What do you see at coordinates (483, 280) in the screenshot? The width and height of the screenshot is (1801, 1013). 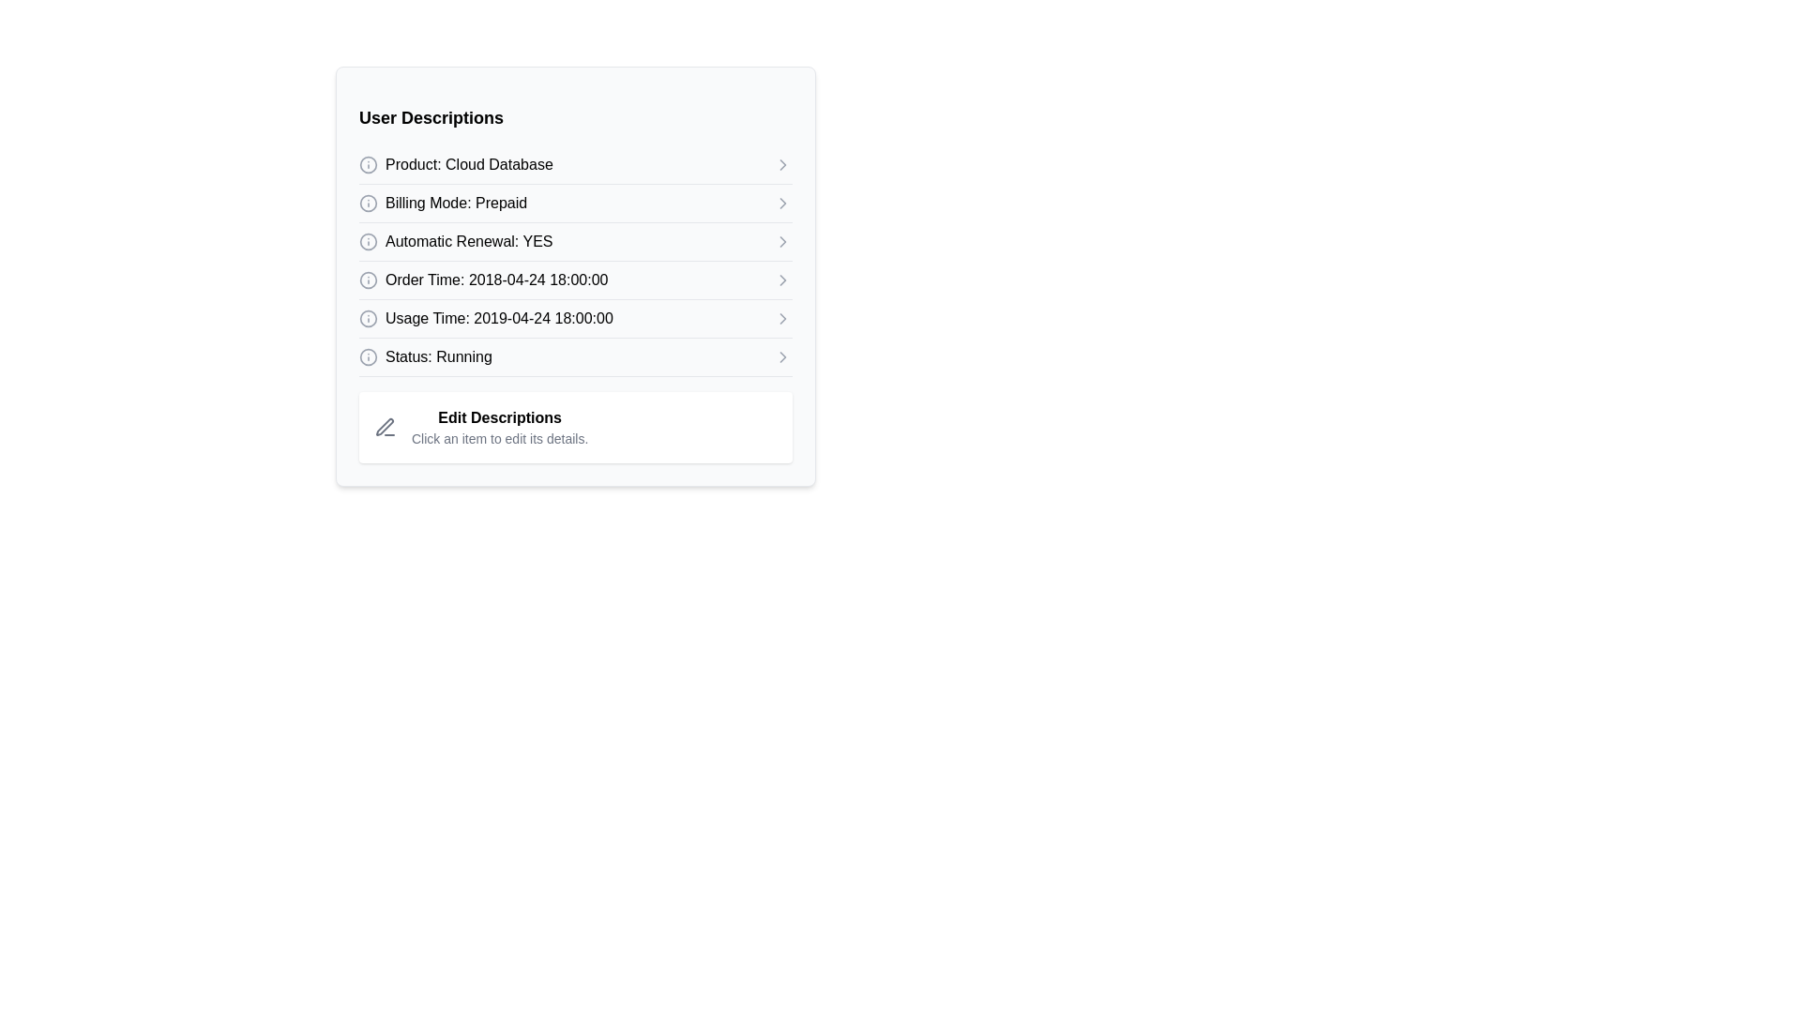 I see `the text label displaying 'Order Time: 2018-04-24 18:00:00' with an accompanying icon, located in the 'User Descriptions' panel` at bounding box center [483, 280].